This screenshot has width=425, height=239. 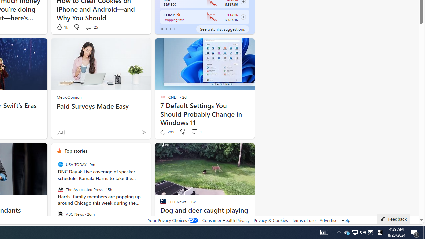 I want to click on 'MetroOpinion', so click(x=69, y=97).